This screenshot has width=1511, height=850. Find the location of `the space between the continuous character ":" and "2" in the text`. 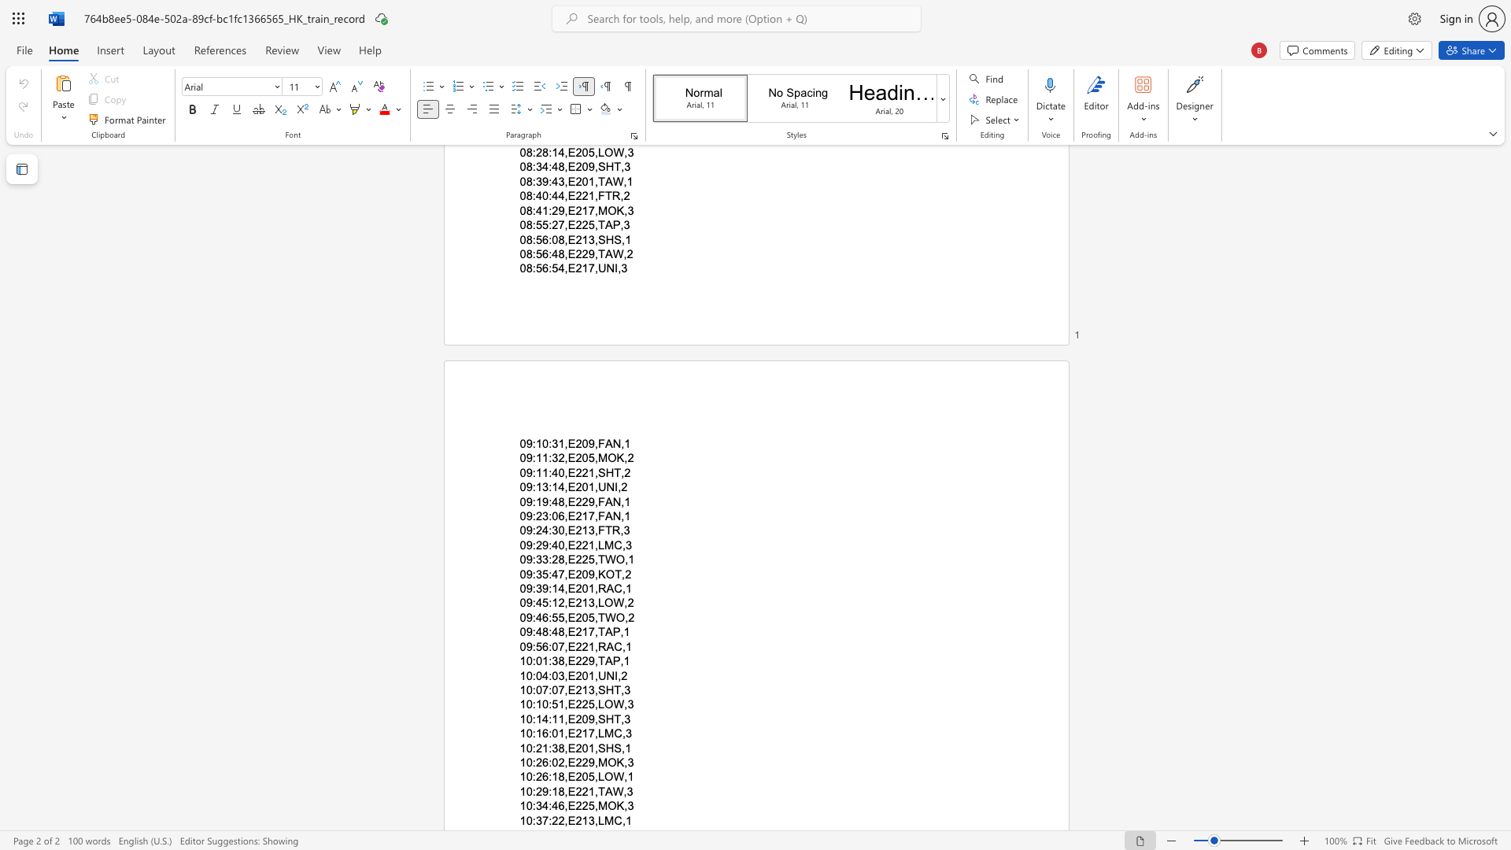

the space between the continuous character ":" and "2" in the text is located at coordinates (536, 761).